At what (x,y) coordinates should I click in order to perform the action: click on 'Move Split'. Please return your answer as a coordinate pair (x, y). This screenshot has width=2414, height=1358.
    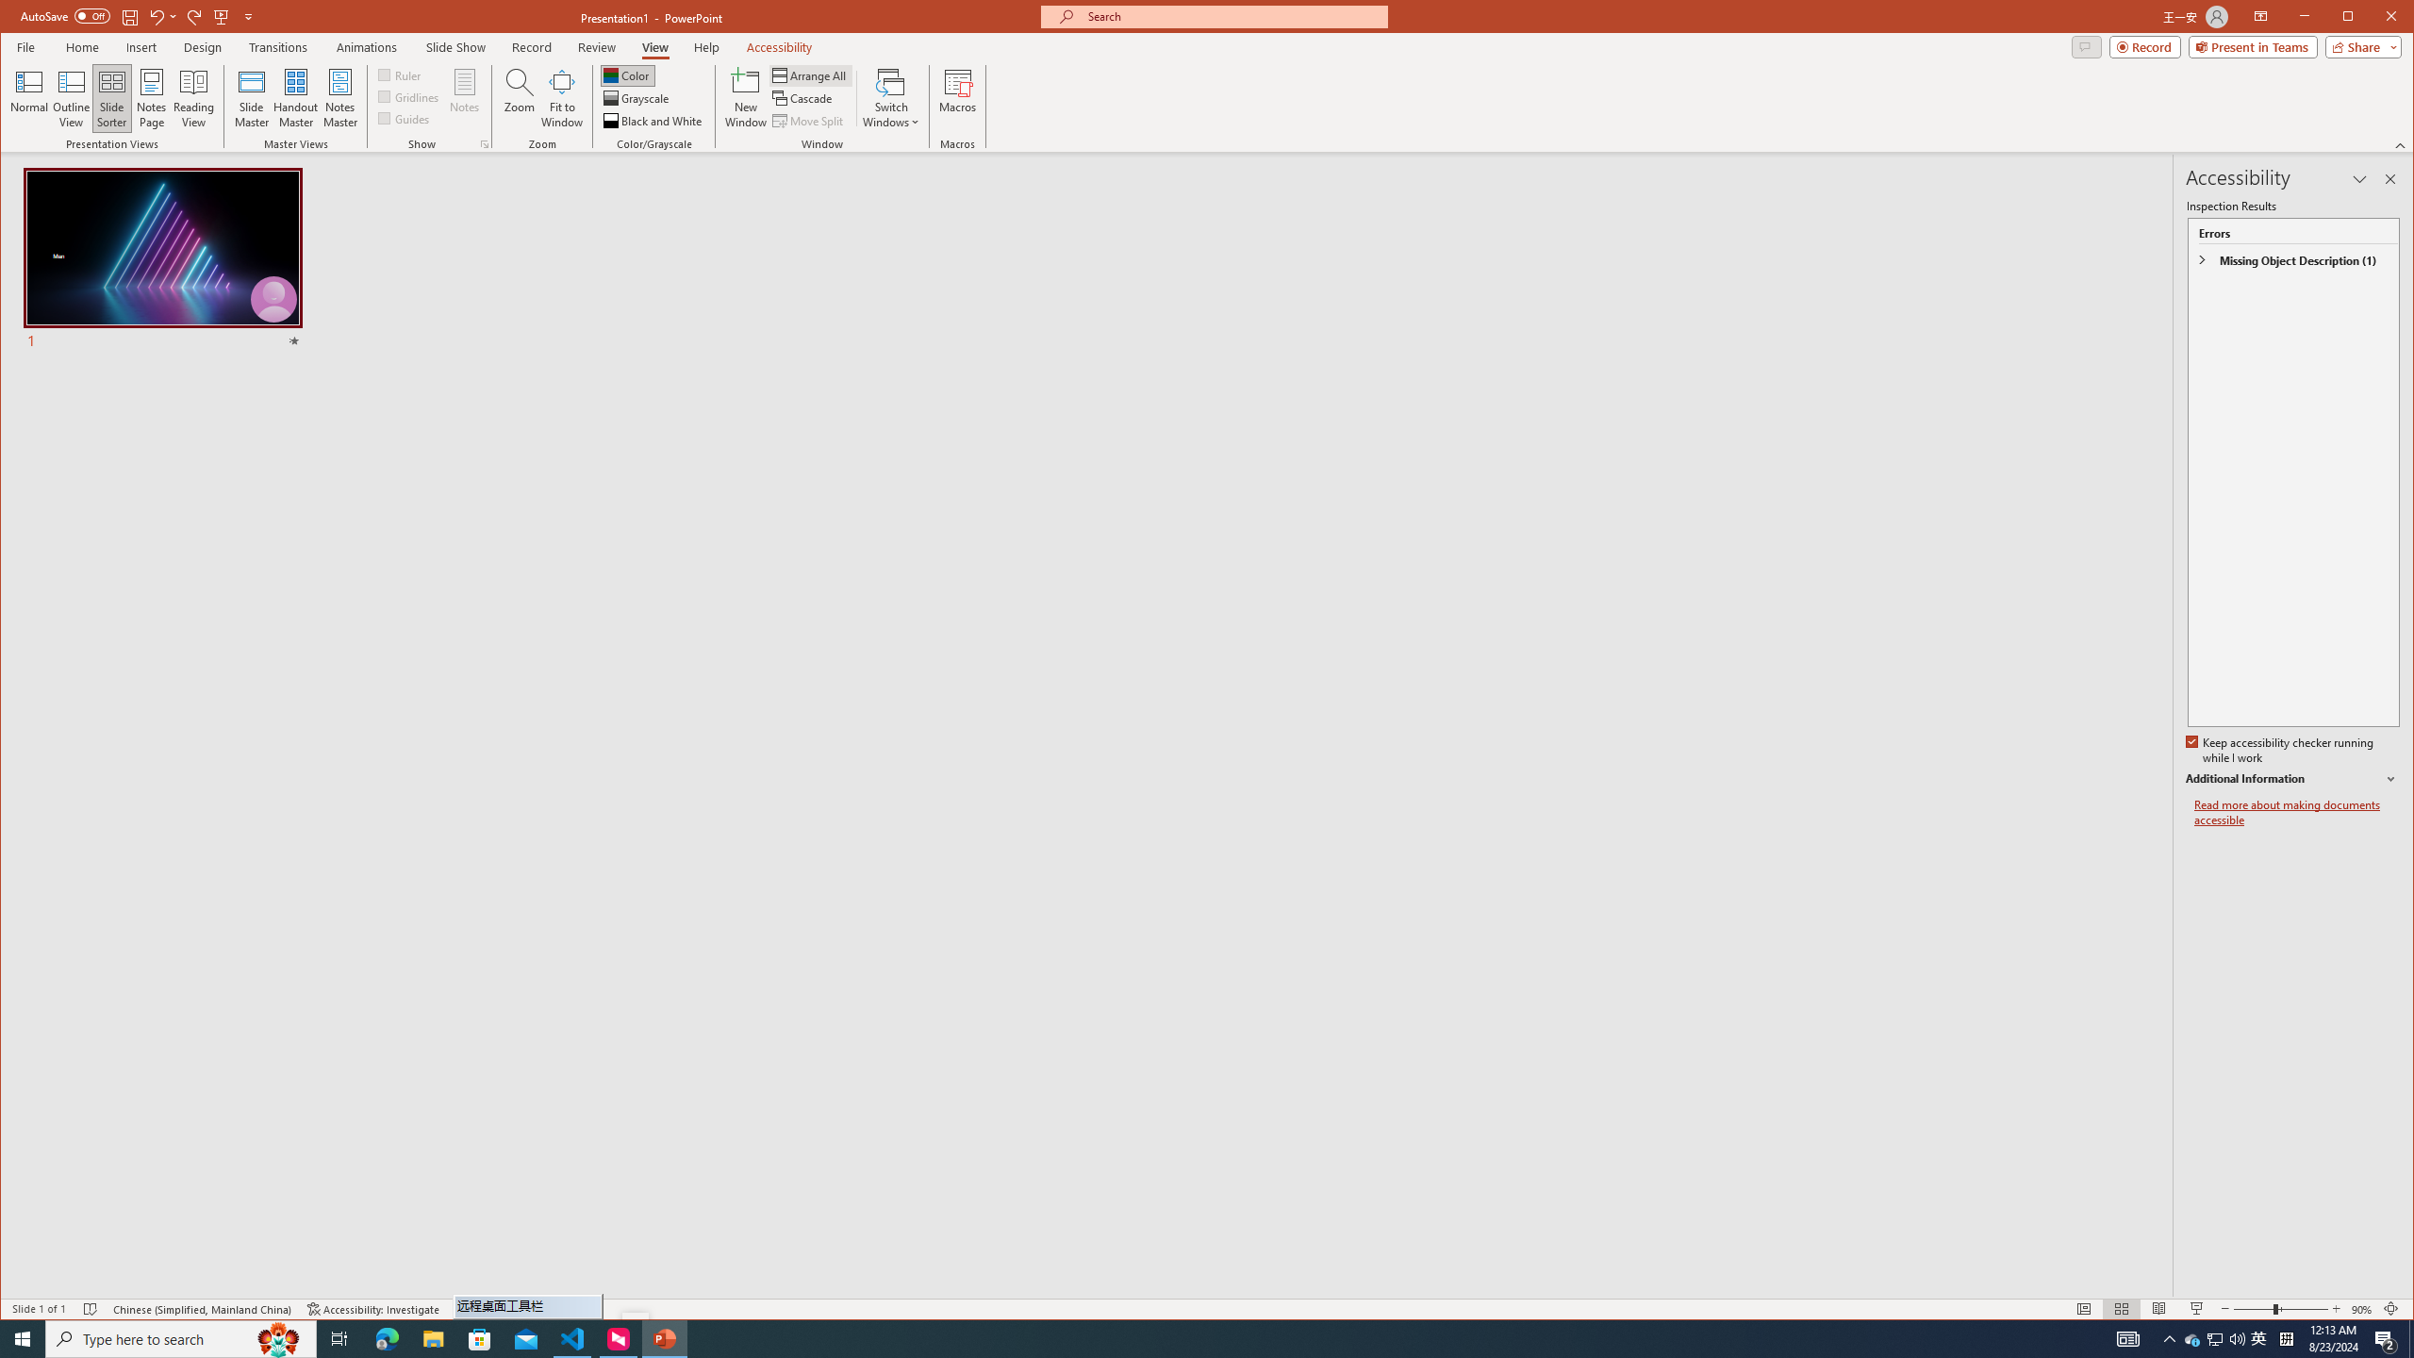
    Looking at the image, I should click on (808, 120).